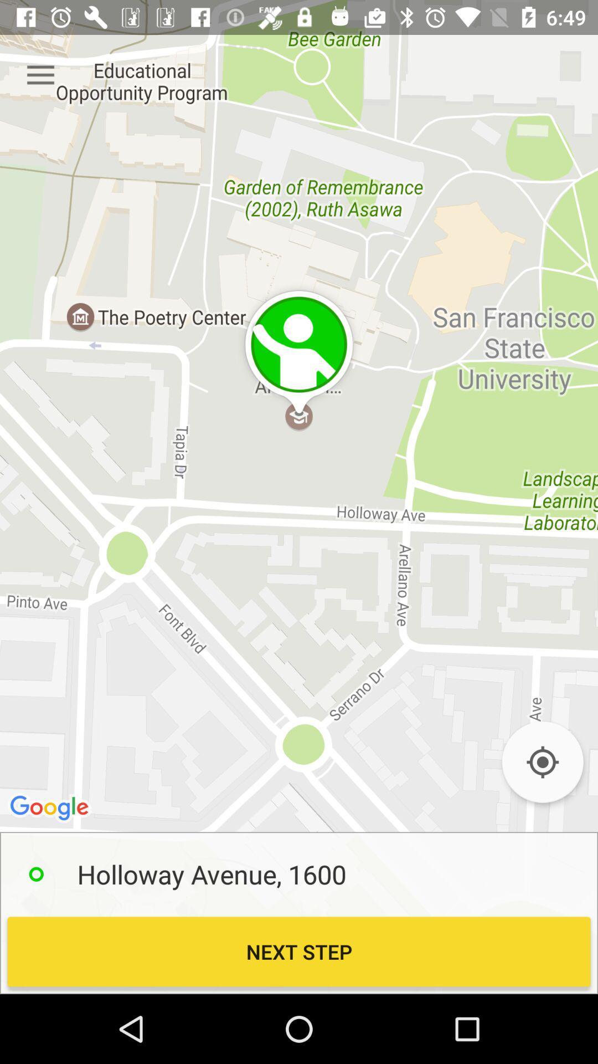  Describe the element at coordinates (542, 761) in the screenshot. I see `zoom in to your location` at that location.